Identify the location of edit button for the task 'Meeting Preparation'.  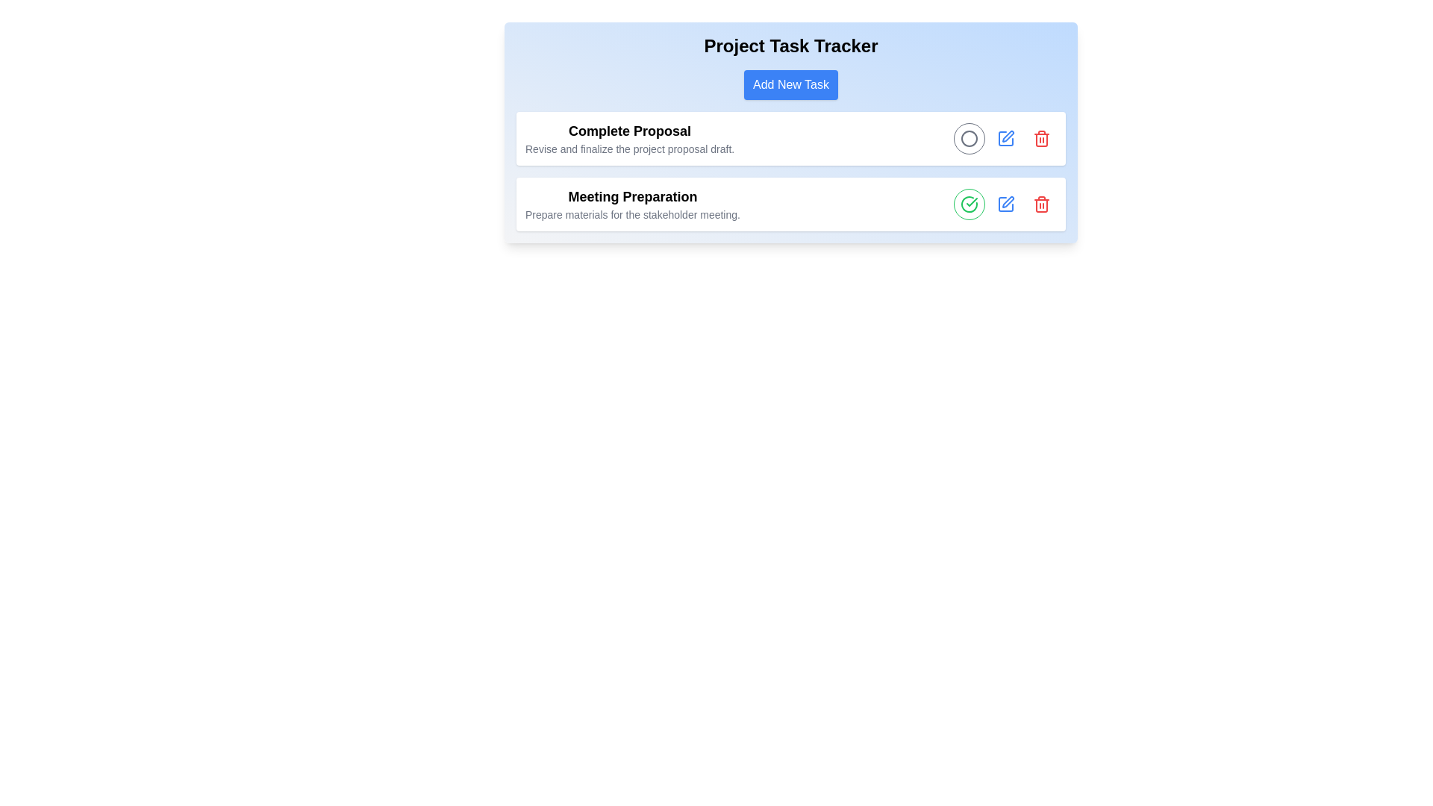
(1006, 204).